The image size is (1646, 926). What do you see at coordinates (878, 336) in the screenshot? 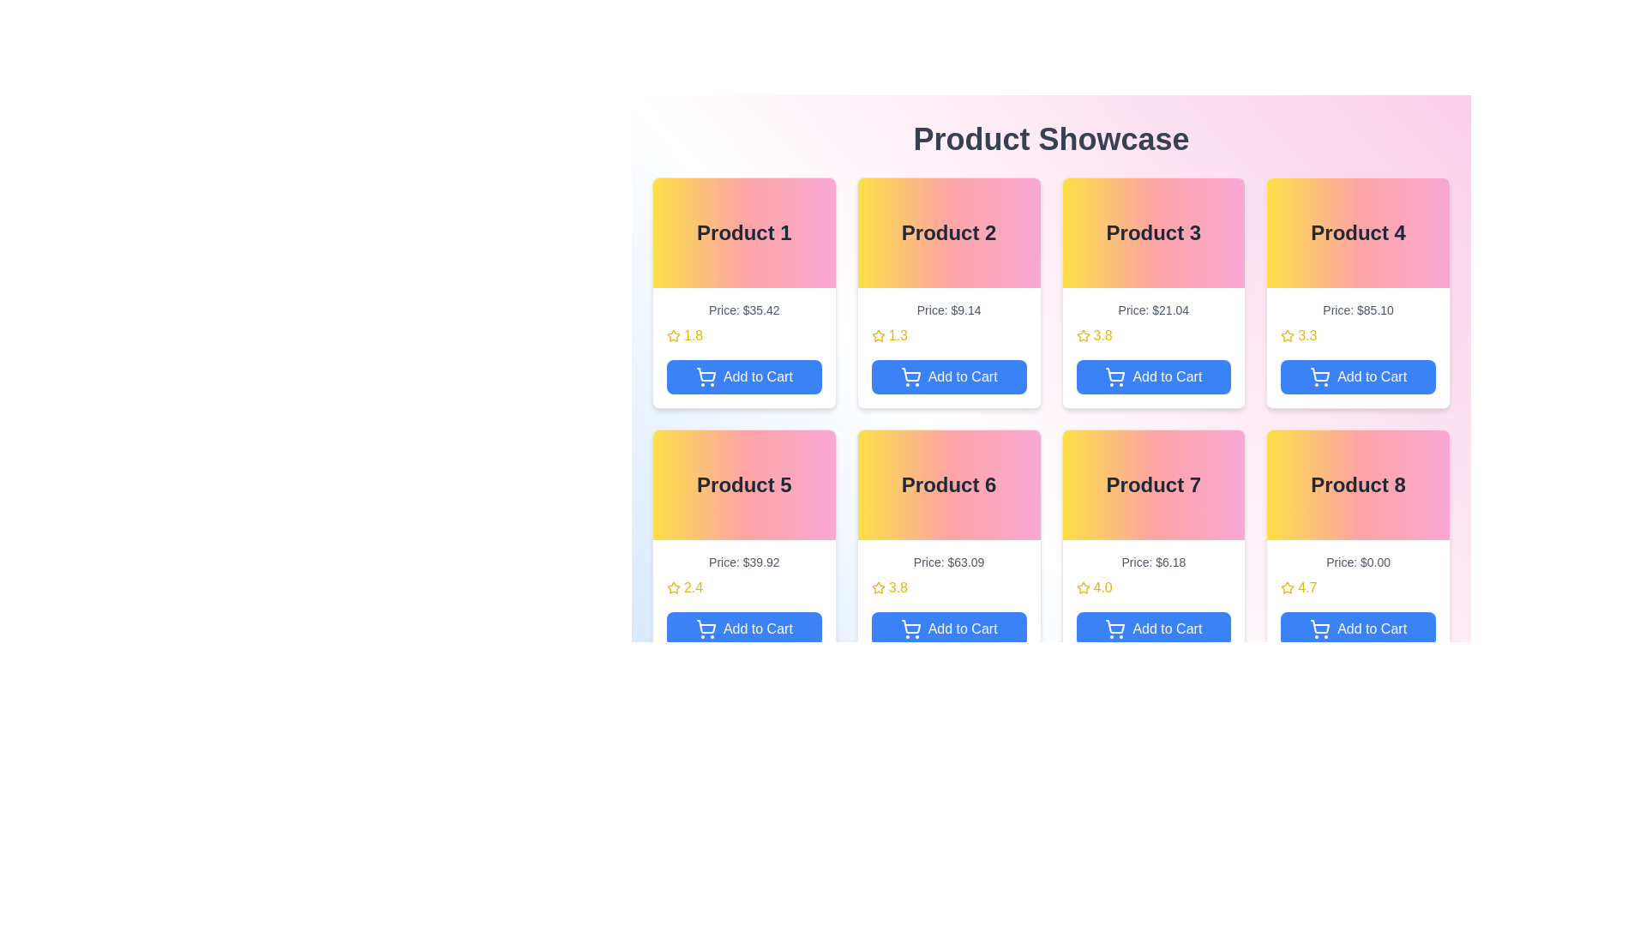
I see `the yellow star-shaped rating icon located in the rating section of the 'Product 2' card, adjacent to the numeric rating value of 1.3` at bounding box center [878, 336].